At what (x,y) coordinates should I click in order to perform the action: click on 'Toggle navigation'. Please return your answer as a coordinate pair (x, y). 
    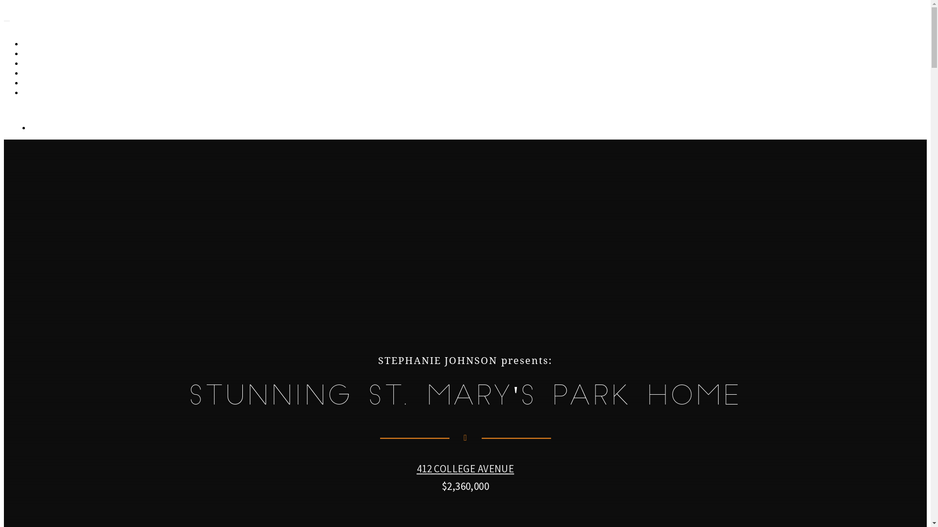
    Looking at the image, I should click on (7, 20).